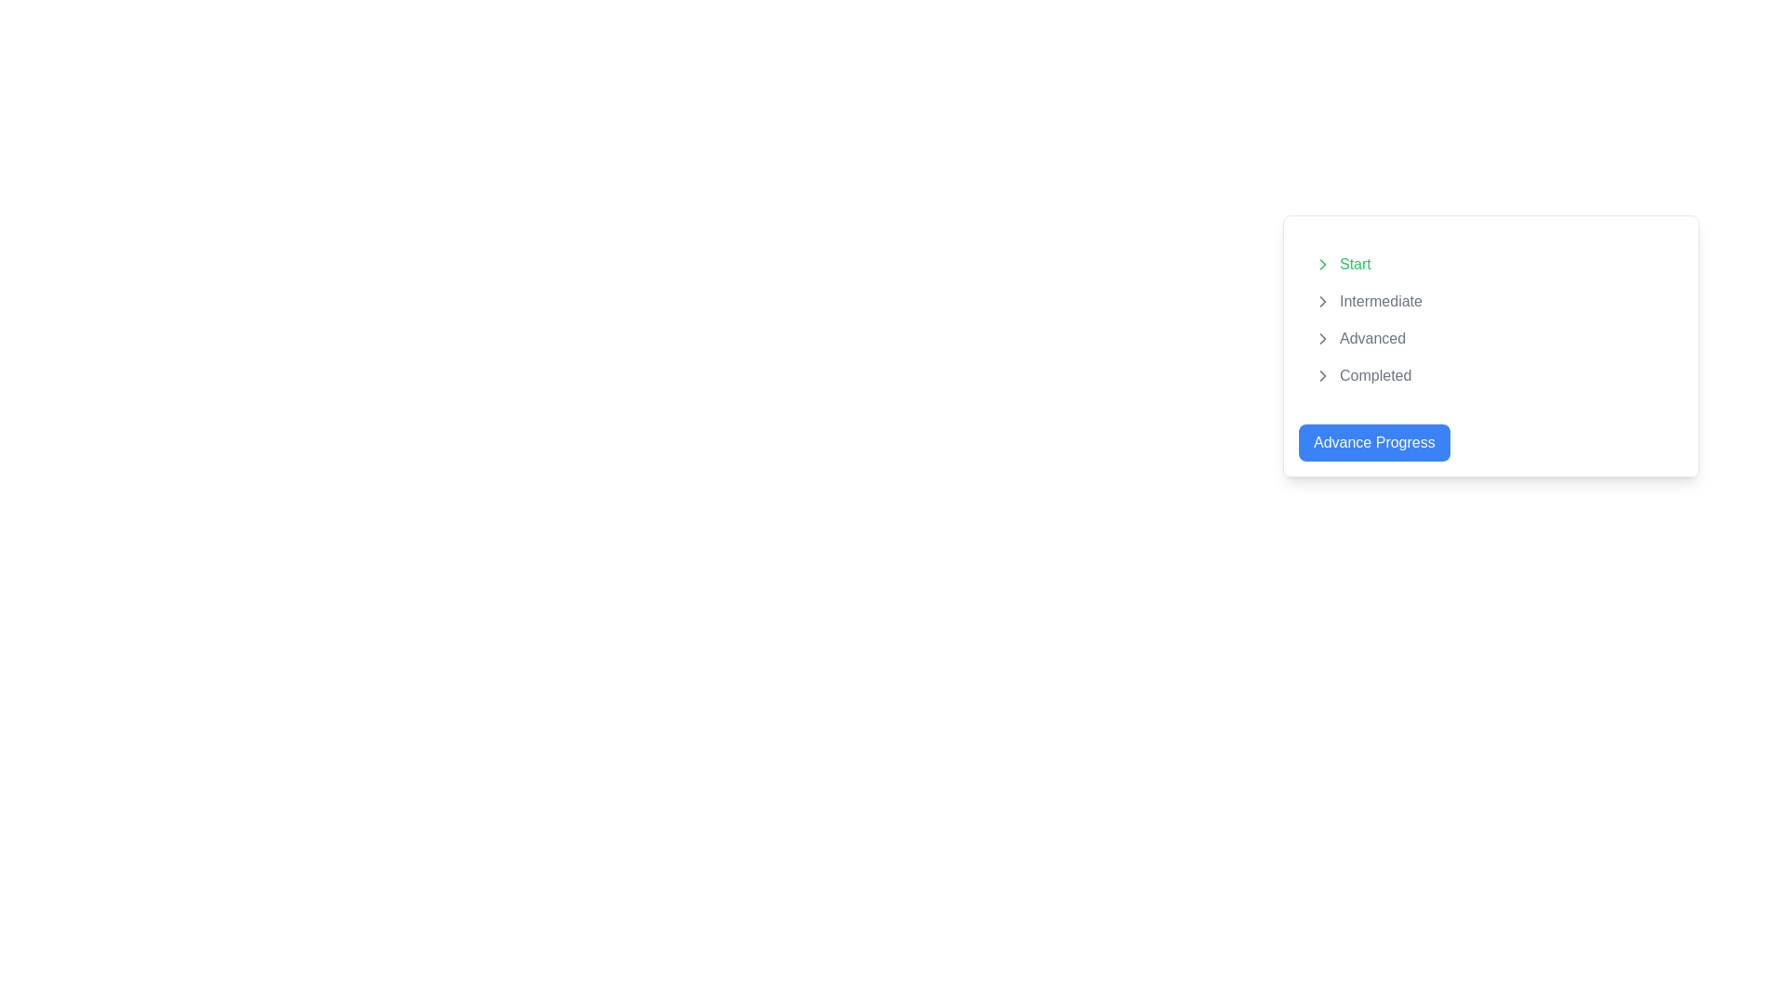 The image size is (1784, 1003). What do you see at coordinates (1355, 265) in the screenshot?
I see `the 'Start' text label, which displays in green and is positioned near the top-left corner of the menu layout, following an icon in a vertically stacked list` at bounding box center [1355, 265].